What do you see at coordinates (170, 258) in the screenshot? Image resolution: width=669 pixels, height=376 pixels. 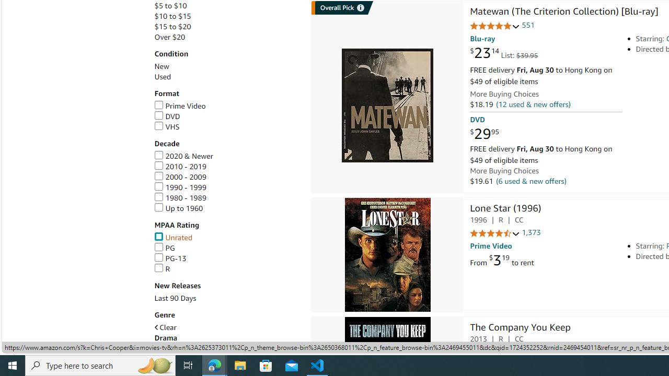 I see `'PG-13'` at bounding box center [170, 258].